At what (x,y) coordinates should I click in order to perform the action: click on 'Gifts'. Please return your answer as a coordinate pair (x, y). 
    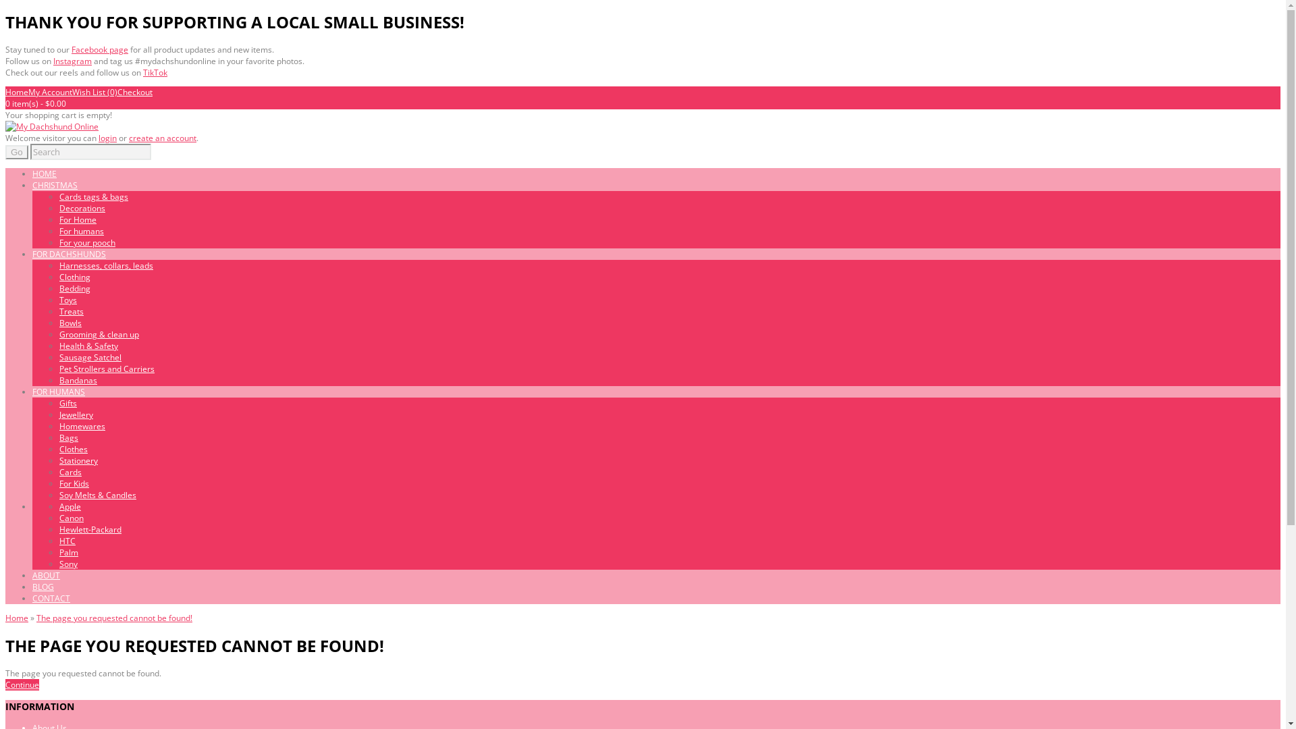
    Looking at the image, I should click on (58, 402).